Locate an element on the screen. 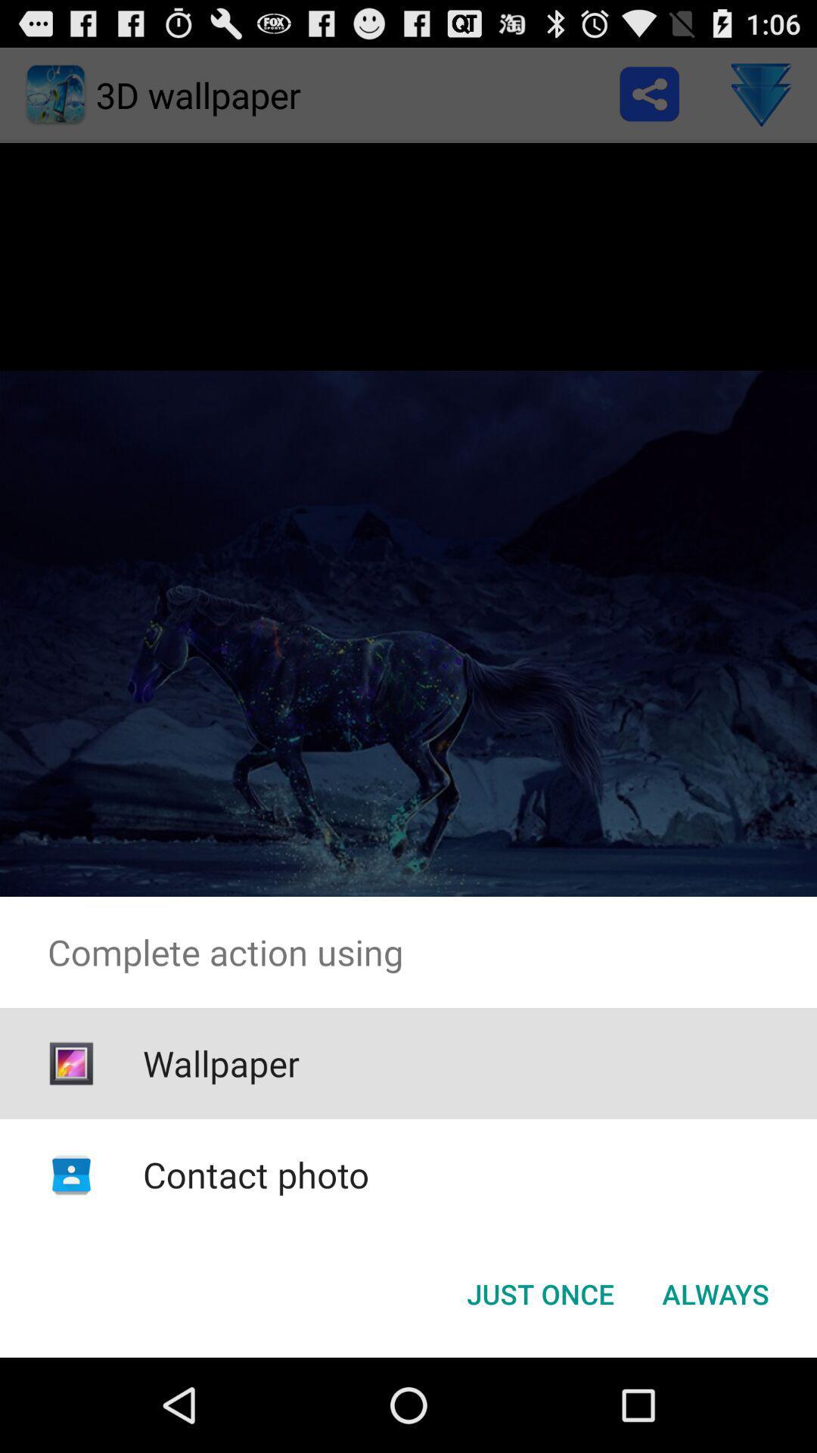 The height and width of the screenshot is (1453, 817). the just once icon is located at coordinates (539, 1293).